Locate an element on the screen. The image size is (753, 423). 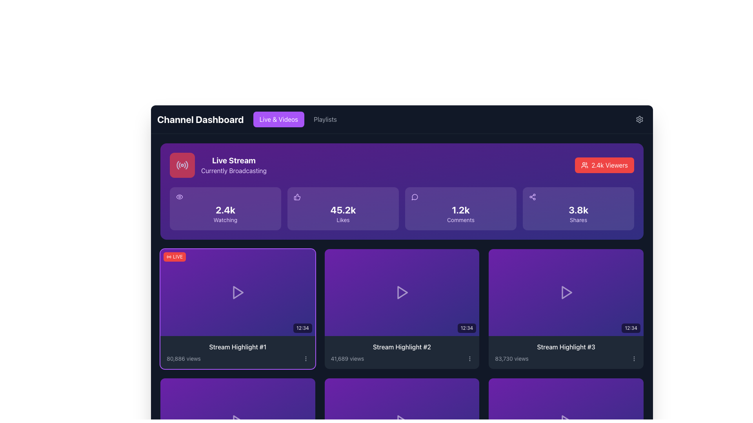
the rectangular button with a purple background and white text reading 'Live & Videos' is located at coordinates (298, 119).